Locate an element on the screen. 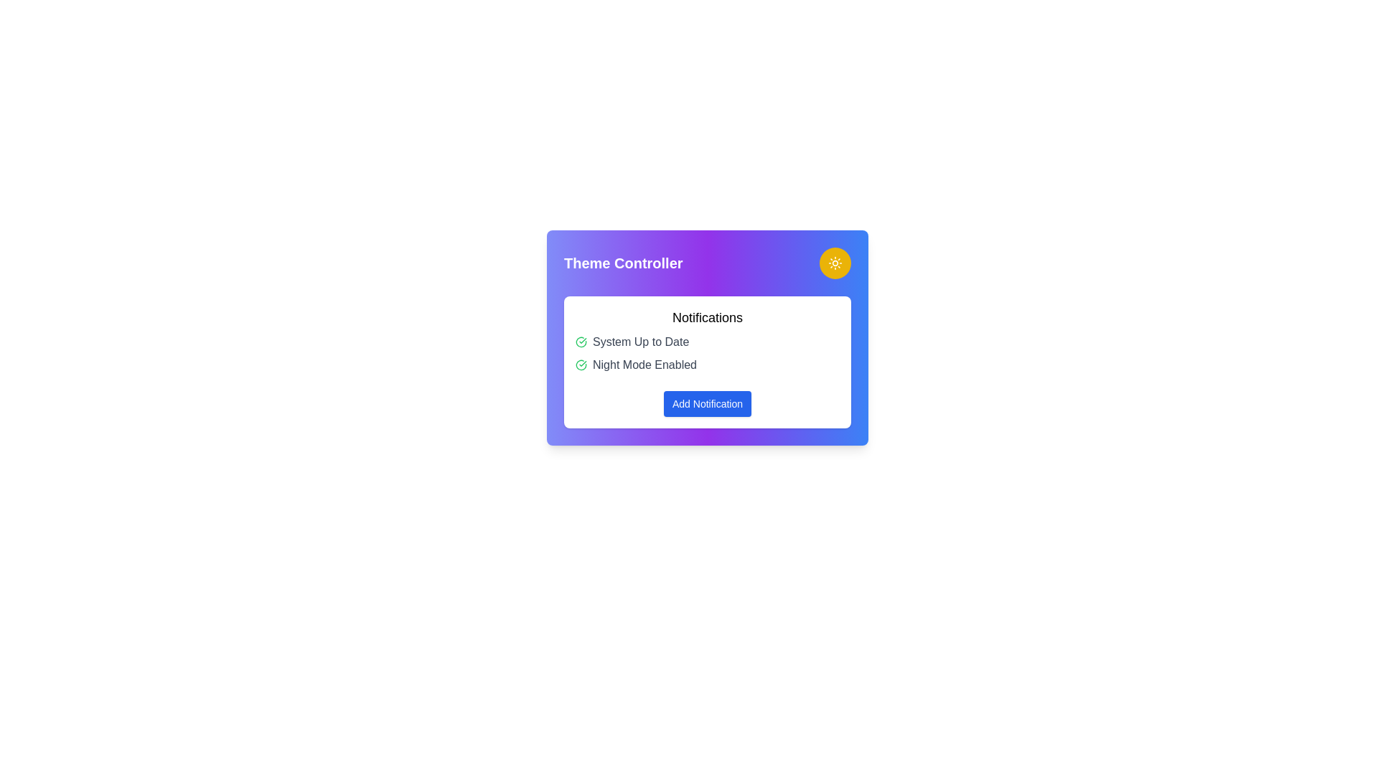 Image resolution: width=1378 pixels, height=775 pixels. the static text label that serves as the title of the section, located at the top left corner of the window is located at coordinates (623, 263).